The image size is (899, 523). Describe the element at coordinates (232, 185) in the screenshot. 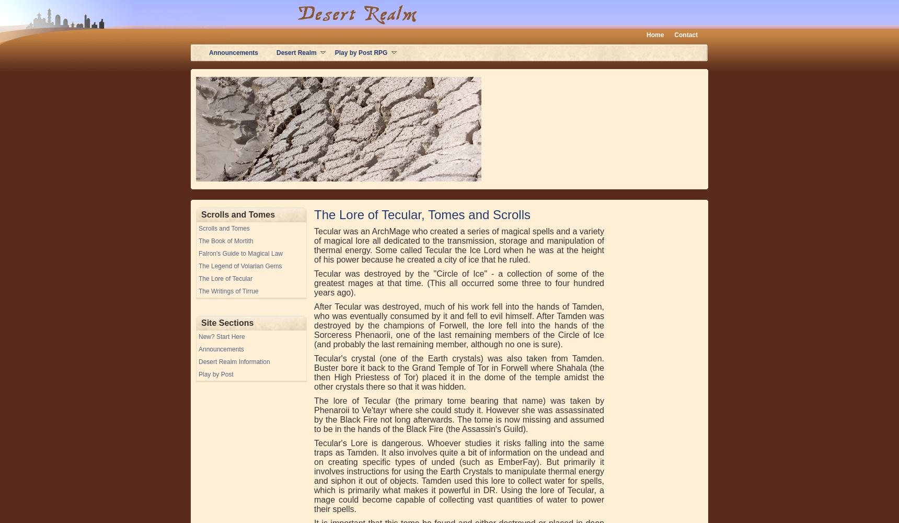

I see `'Scrolls and Tomes'` at that location.